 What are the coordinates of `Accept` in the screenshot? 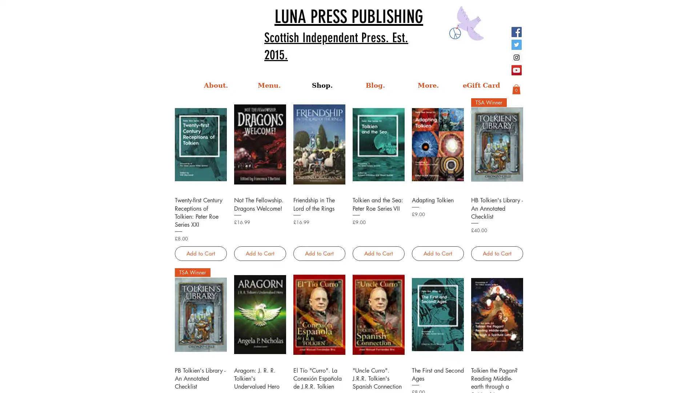 It's located at (665, 381).